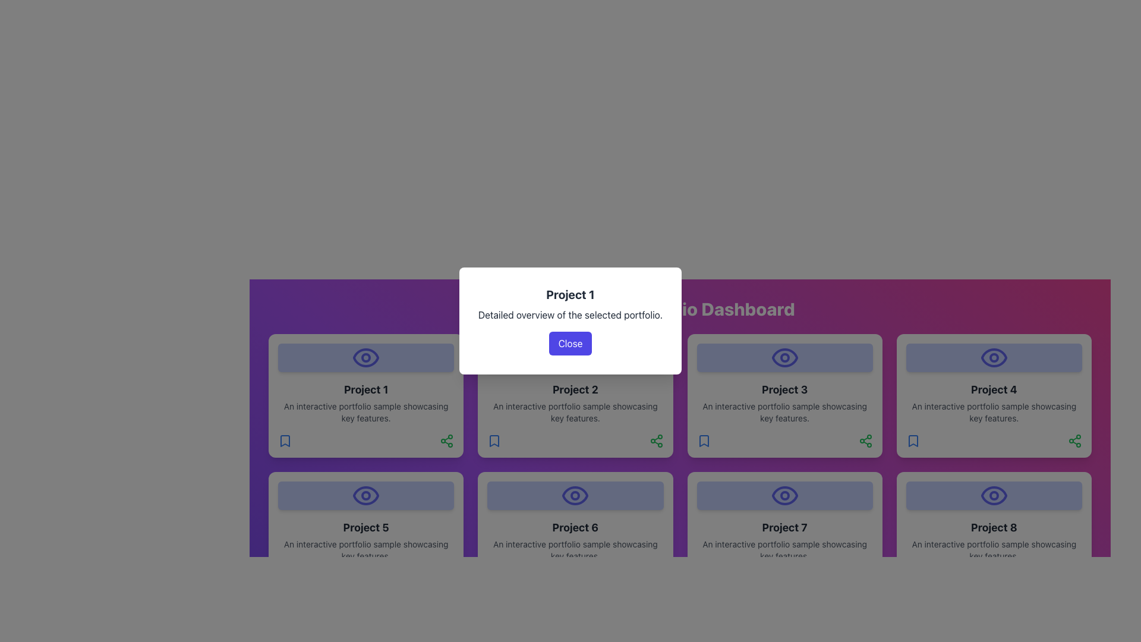 This screenshot has height=642, width=1141. What do you see at coordinates (575, 495) in the screenshot?
I see `the eye icon indicator located in the card labeled 'Project 6' to initiate a view or preview action` at bounding box center [575, 495].